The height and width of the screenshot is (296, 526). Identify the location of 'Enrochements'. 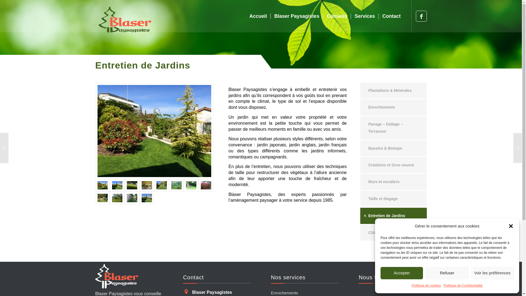
(393, 107).